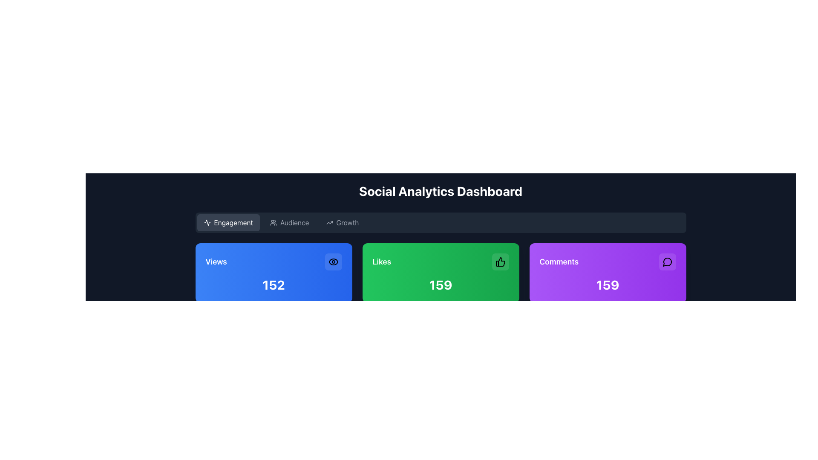 This screenshot has width=818, height=460. What do you see at coordinates (294, 222) in the screenshot?
I see `the 'Audience' text label located in the central navigation bar, positioned to the right of 'Engagement' and to the left of 'Growth', to gain context about the category or section it represents` at bounding box center [294, 222].